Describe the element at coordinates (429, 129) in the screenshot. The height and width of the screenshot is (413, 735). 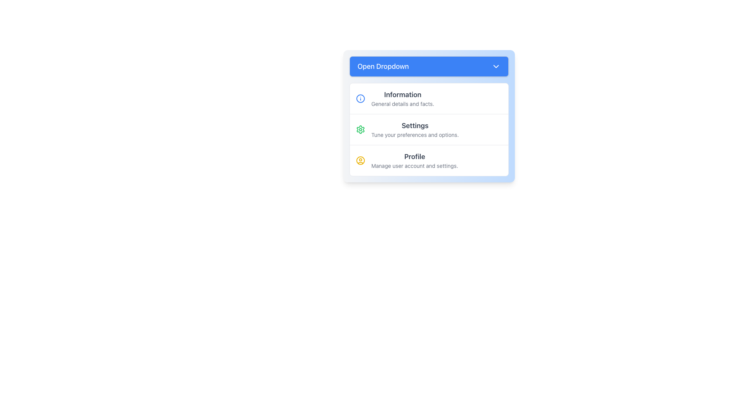
I see `the 'Settings' menu item, which features a green gear-shaped icon and bold text` at that location.